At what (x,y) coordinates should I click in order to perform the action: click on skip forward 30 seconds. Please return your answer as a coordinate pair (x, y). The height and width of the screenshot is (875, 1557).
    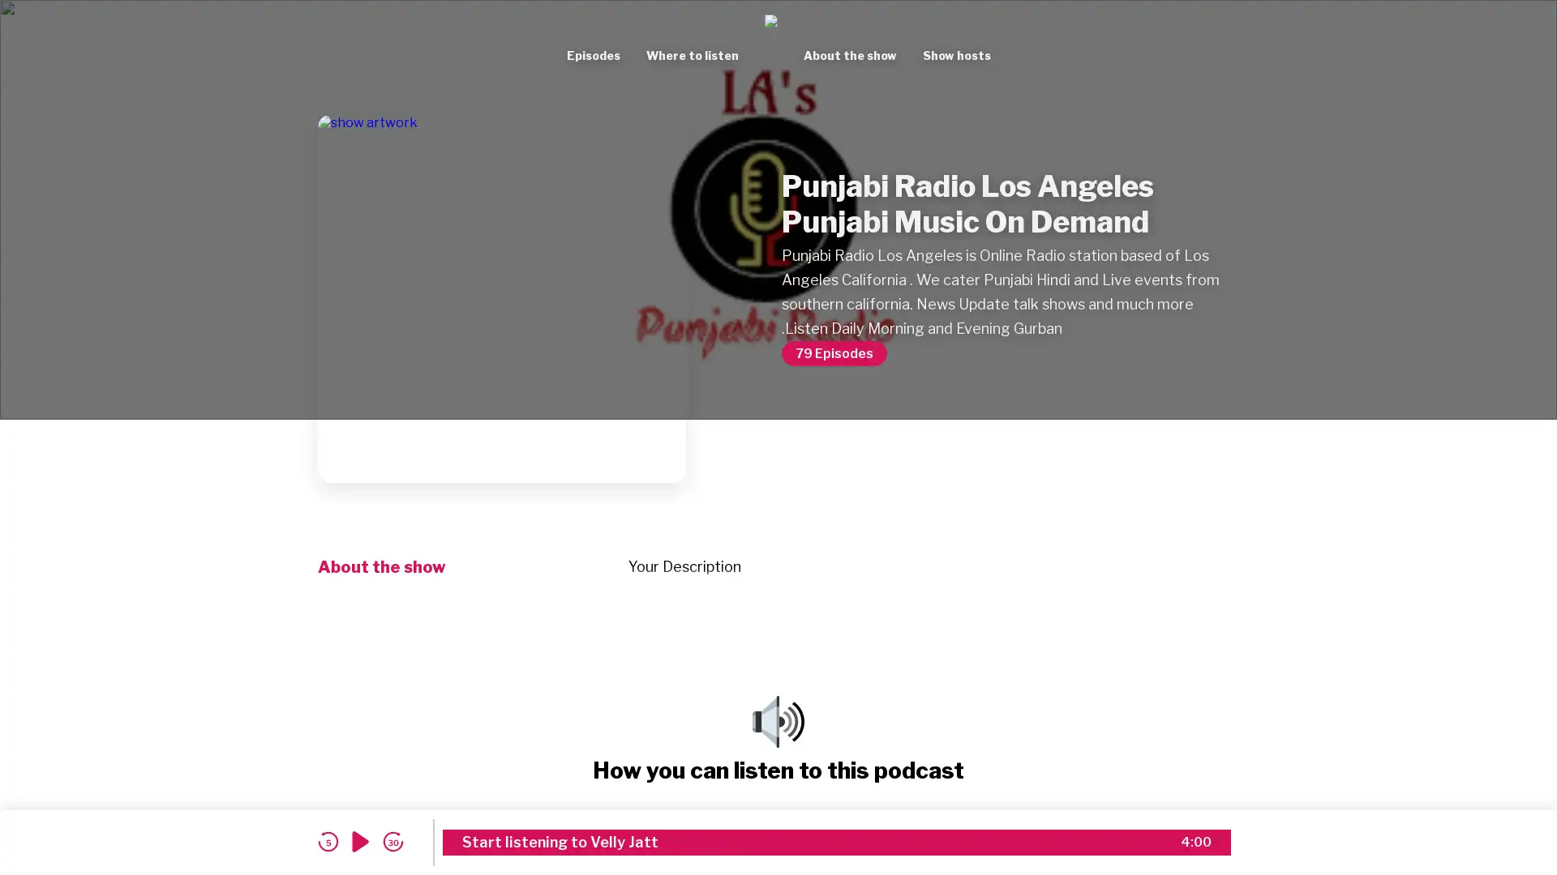
    Looking at the image, I should click on (392, 841).